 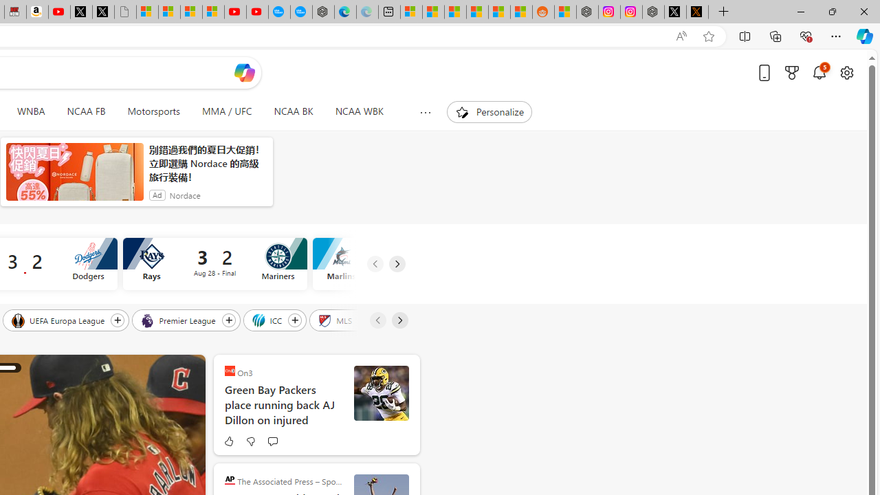 What do you see at coordinates (675, 12) in the screenshot?
I see `'Nordace (@NordaceOfficial) / X'` at bounding box center [675, 12].